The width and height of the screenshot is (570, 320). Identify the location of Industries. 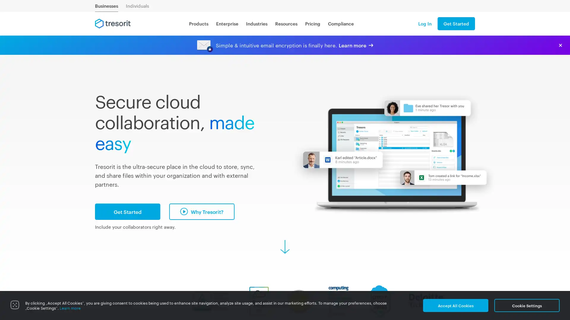
(256, 23).